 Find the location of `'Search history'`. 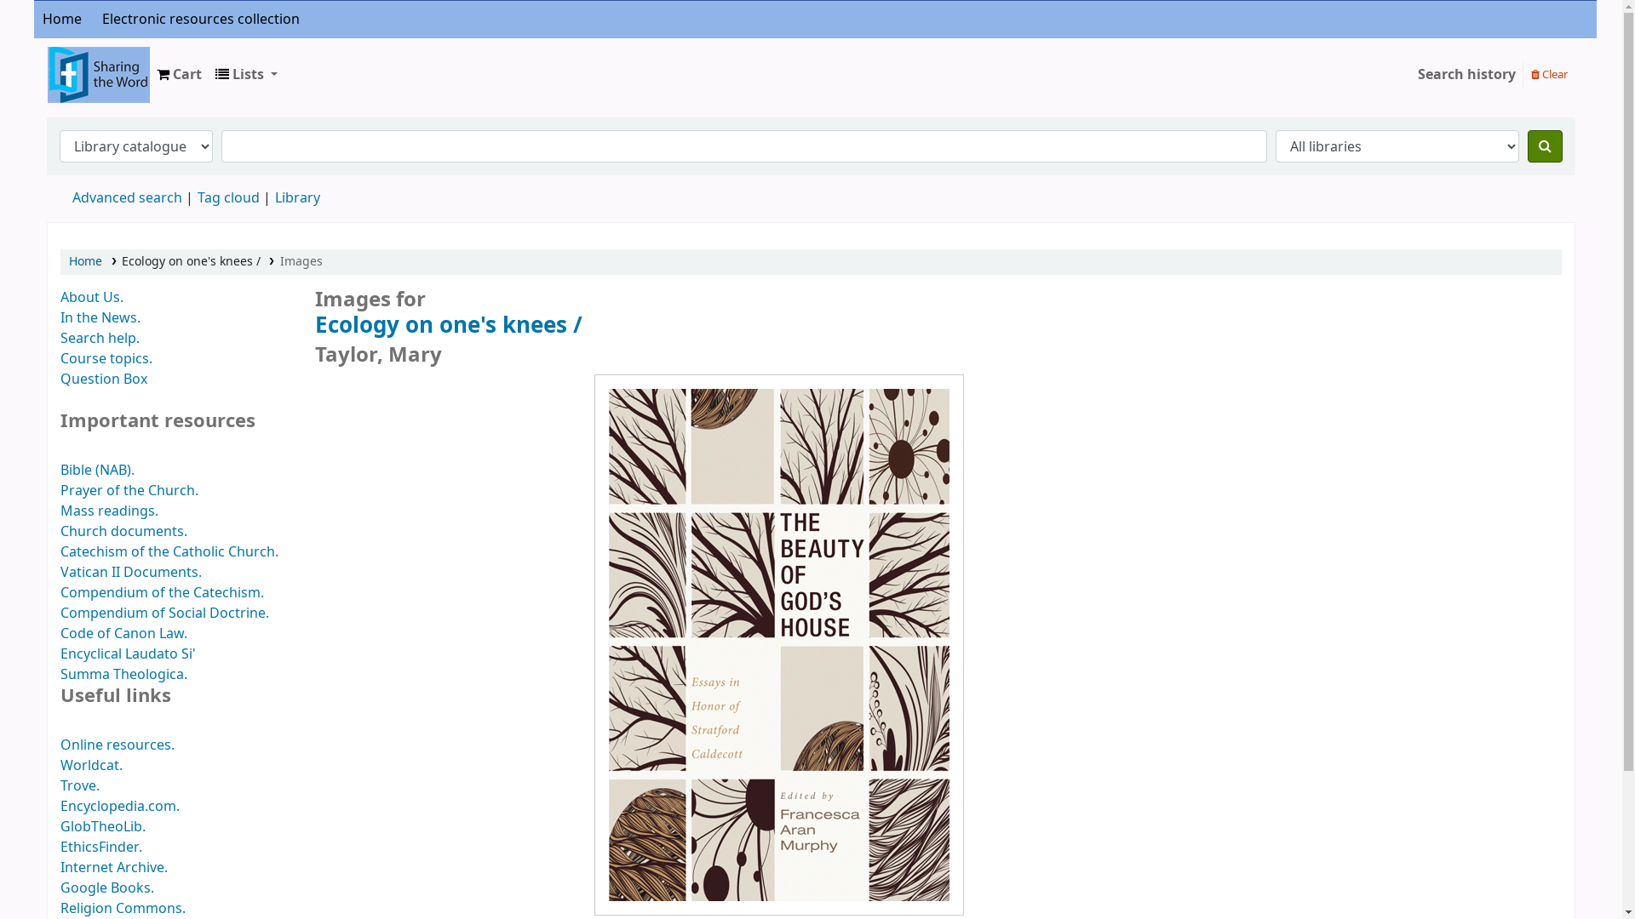

'Search history' is located at coordinates (1410, 74).